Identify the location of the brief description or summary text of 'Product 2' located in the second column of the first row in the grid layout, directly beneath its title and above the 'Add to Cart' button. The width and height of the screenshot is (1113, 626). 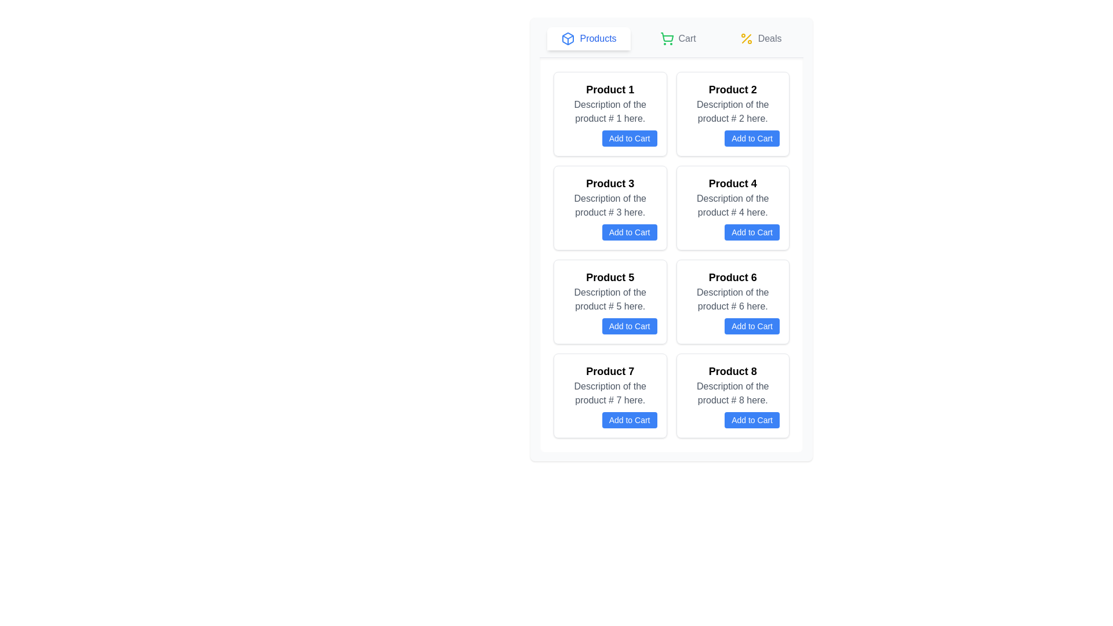
(732, 111).